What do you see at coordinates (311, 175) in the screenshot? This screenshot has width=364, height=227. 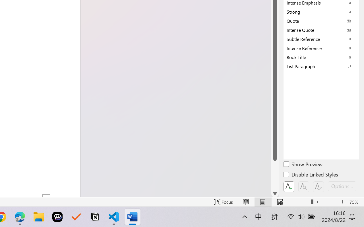 I see `'Disable Linked Styles'` at bounding box center [311, 175].